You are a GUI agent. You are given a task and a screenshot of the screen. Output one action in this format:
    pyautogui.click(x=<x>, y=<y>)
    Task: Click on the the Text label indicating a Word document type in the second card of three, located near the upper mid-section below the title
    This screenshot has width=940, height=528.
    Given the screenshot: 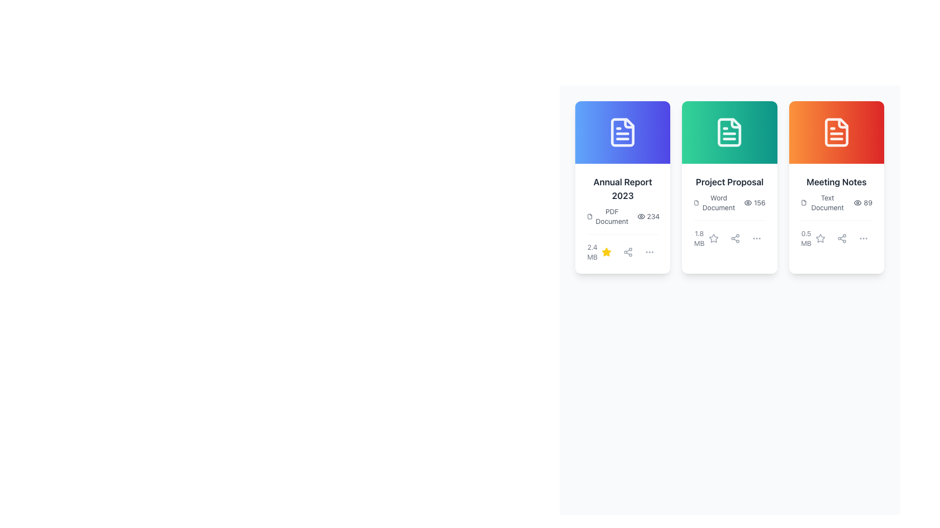 What is the action you would take?
    pyautogui.click(x=715, y=202)
    